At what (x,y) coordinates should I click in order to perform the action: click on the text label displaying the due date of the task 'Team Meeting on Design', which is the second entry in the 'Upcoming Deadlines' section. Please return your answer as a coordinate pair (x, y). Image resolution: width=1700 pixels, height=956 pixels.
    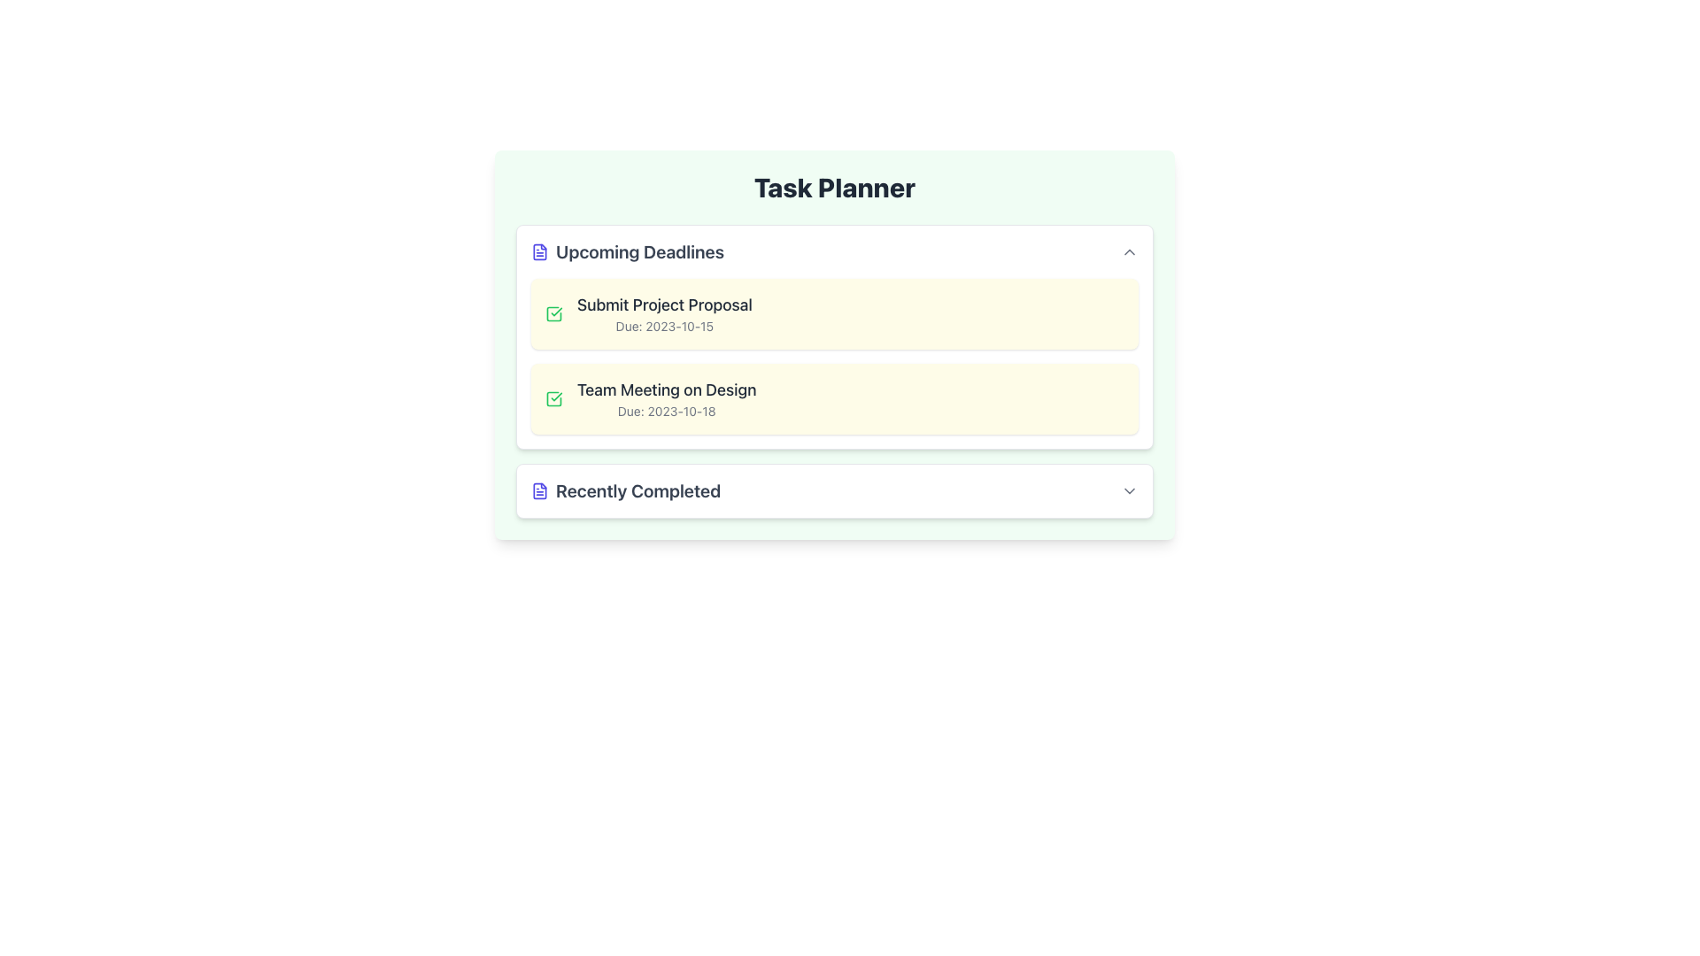
    Looking at the image, I should click on (666, 412).